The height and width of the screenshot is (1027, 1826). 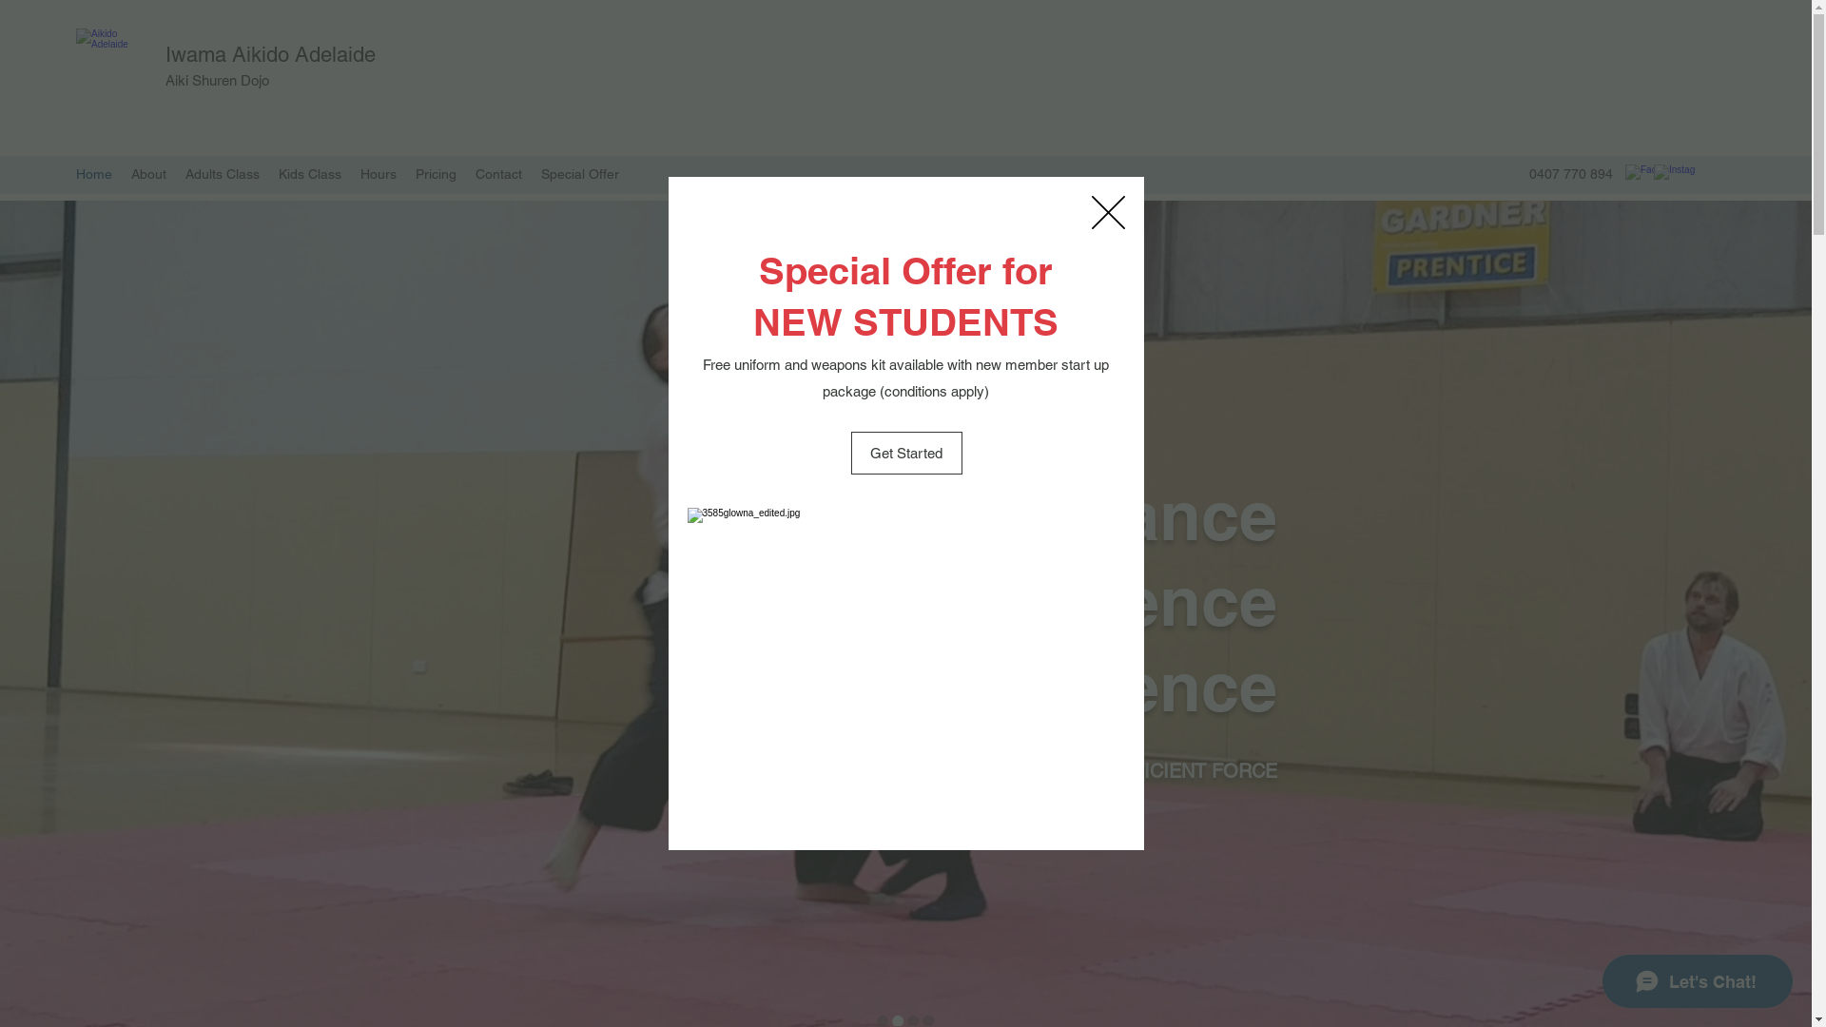 What do you see at coordinates (379, 173) in the screenshot?
I see `'Hours'` at bounding box center [379, 173].